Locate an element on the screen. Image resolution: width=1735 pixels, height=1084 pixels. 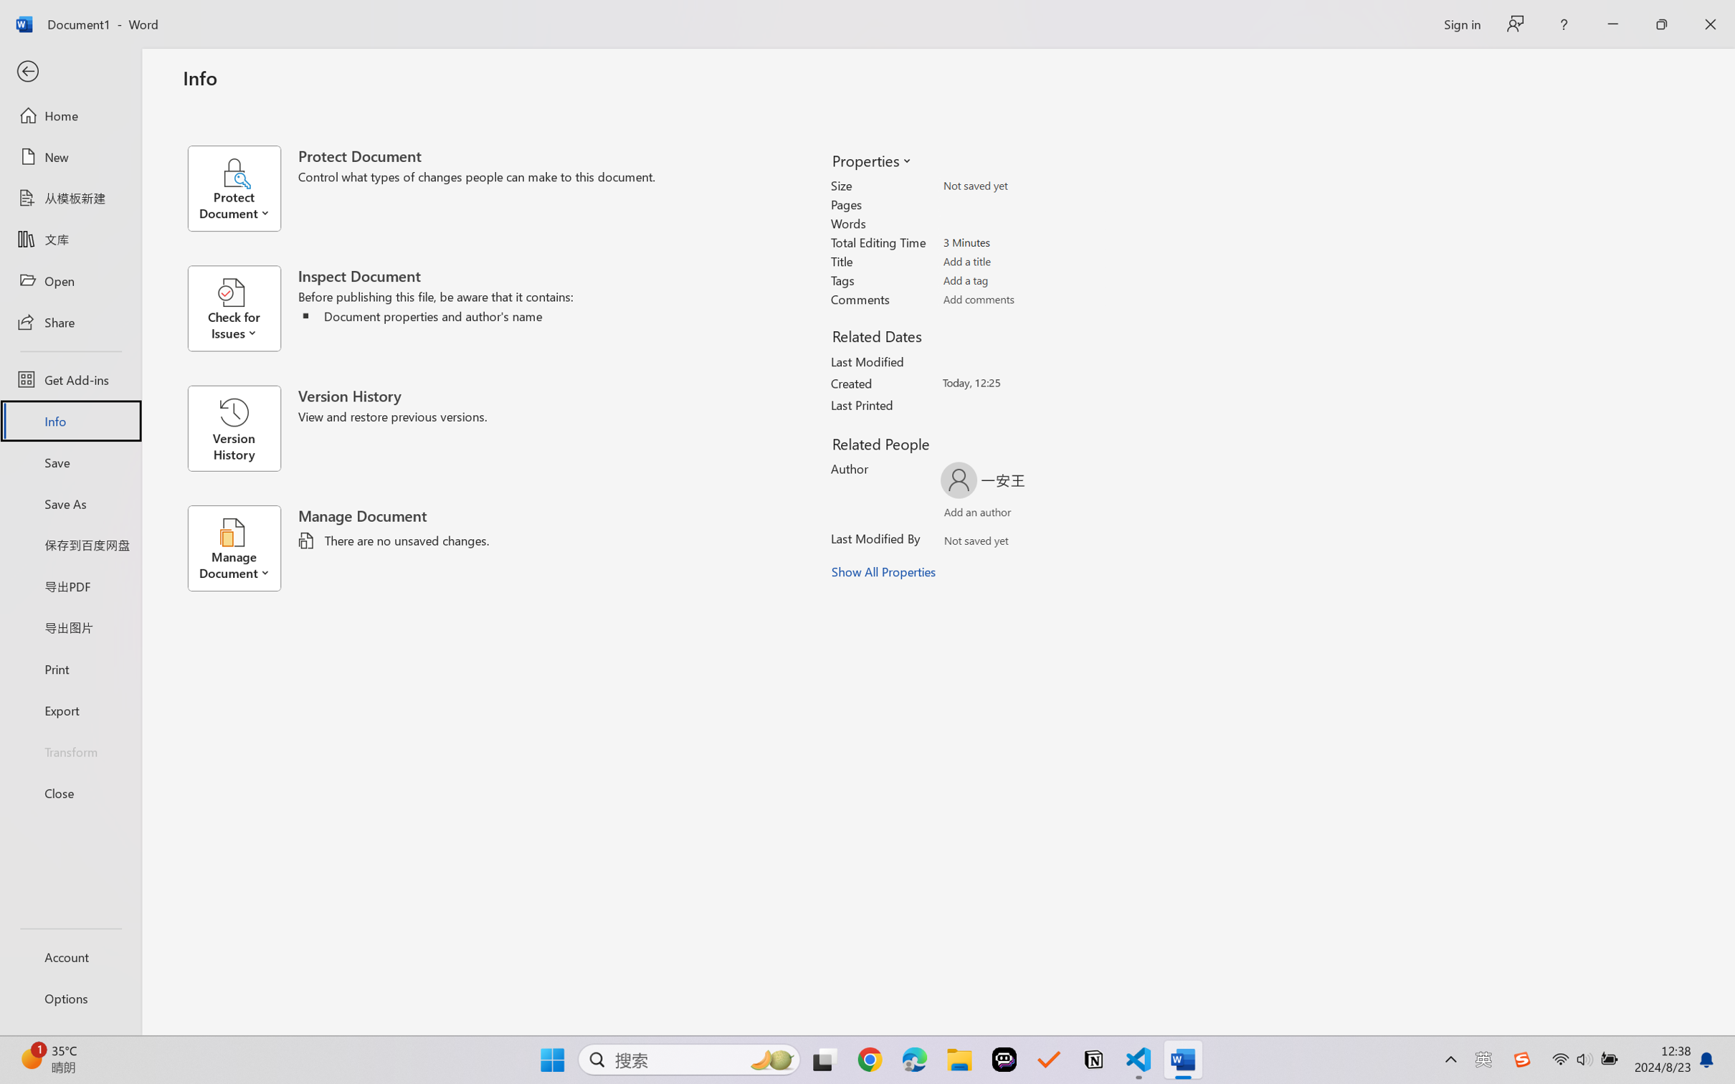
'Info' is located at coordinates (70, 420).